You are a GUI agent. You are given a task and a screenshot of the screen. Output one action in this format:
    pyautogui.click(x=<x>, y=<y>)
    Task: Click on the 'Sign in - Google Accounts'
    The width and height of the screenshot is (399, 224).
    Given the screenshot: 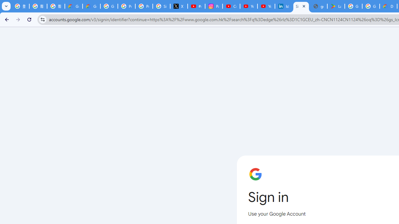 What is the action you would take?
    pyautogui.click(x=301, y=6)
    